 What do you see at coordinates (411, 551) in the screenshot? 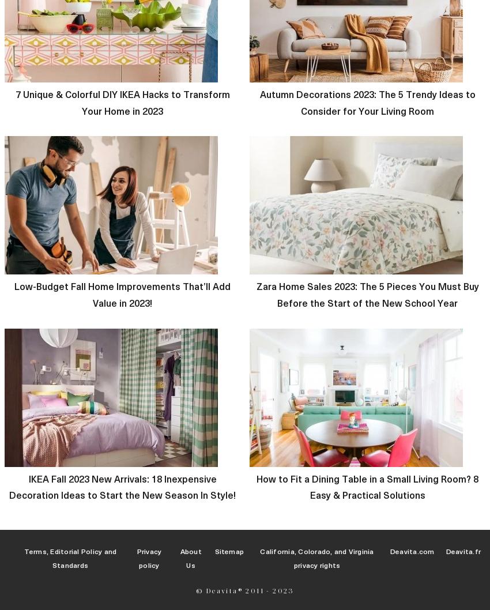
I see `'Deavita.com'` at bounding box center [411, 551].